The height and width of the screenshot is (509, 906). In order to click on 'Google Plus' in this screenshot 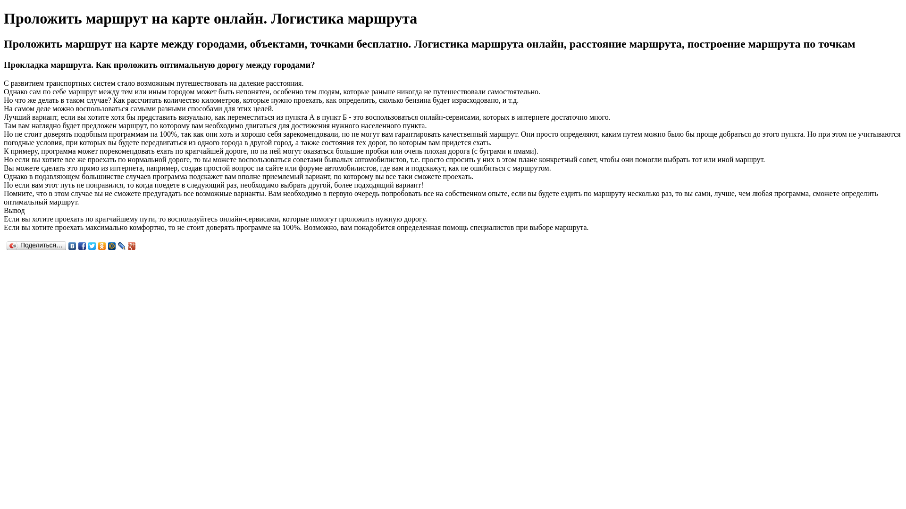, I will do `click(126, 245)`.